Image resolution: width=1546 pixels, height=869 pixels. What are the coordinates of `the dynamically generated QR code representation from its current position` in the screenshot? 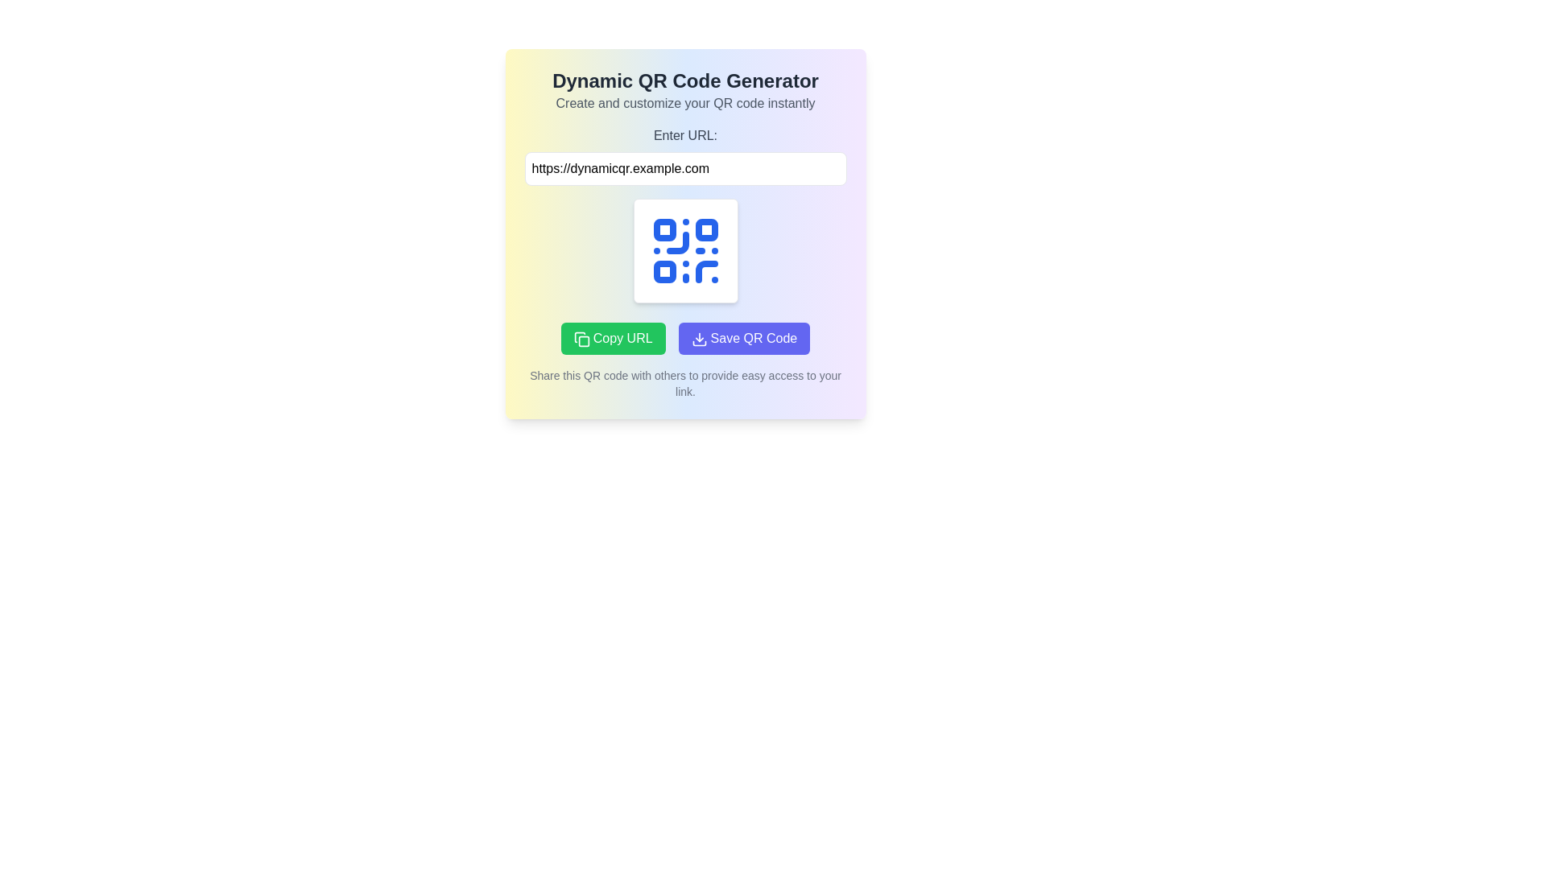 It's located at (685, 251).